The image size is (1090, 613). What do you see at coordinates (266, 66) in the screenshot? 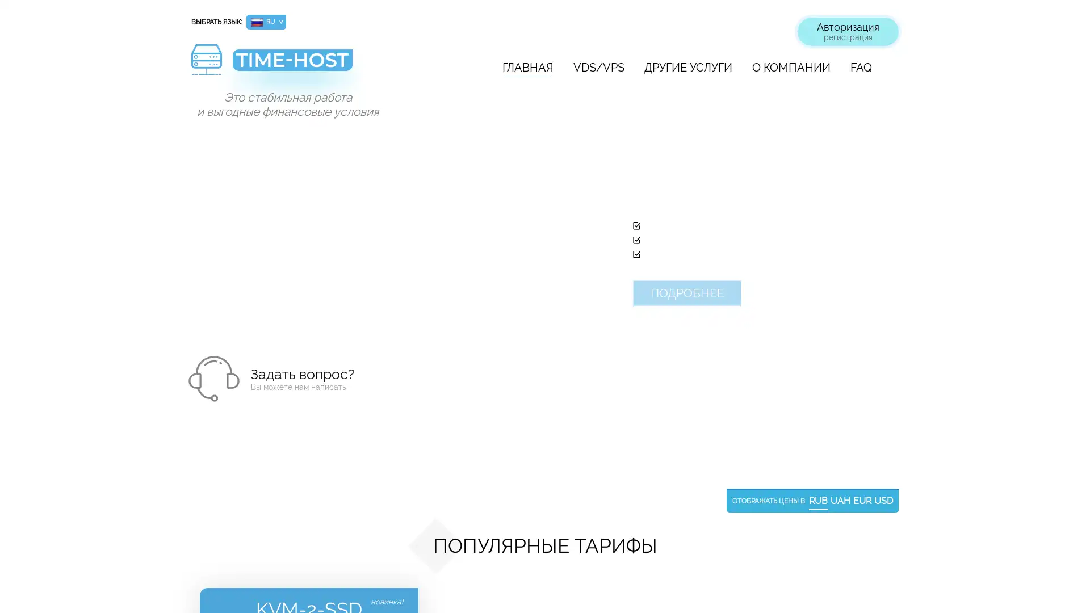
I see `fr FR` at bounding box center [266, 66].